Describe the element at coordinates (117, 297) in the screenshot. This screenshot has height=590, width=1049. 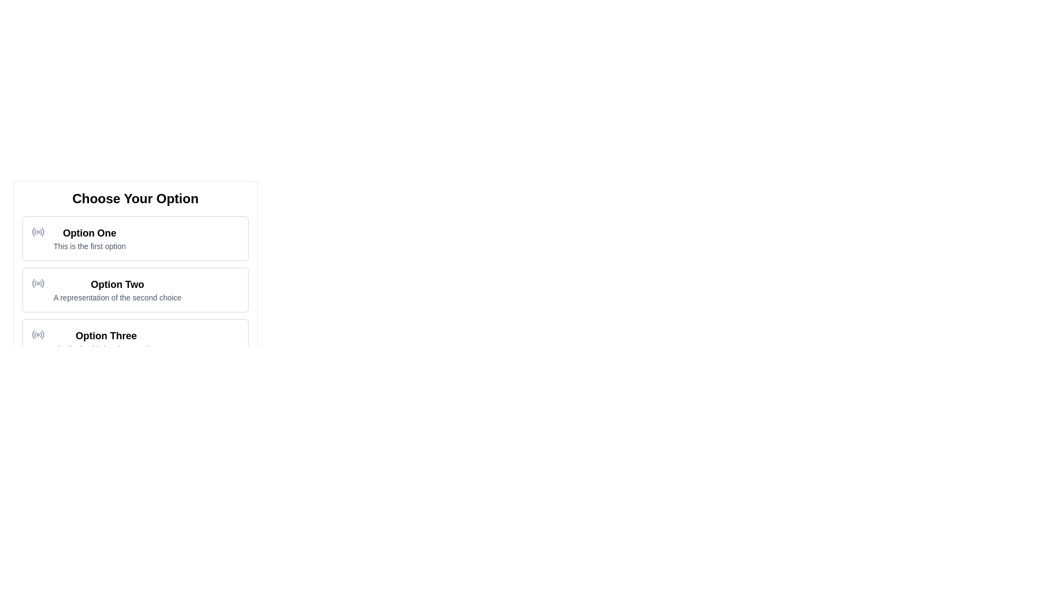
I see `the descriptive text label for 'Option Two', located beneath the 'Option Two' heading in the vertically arranged list of options` at that location.